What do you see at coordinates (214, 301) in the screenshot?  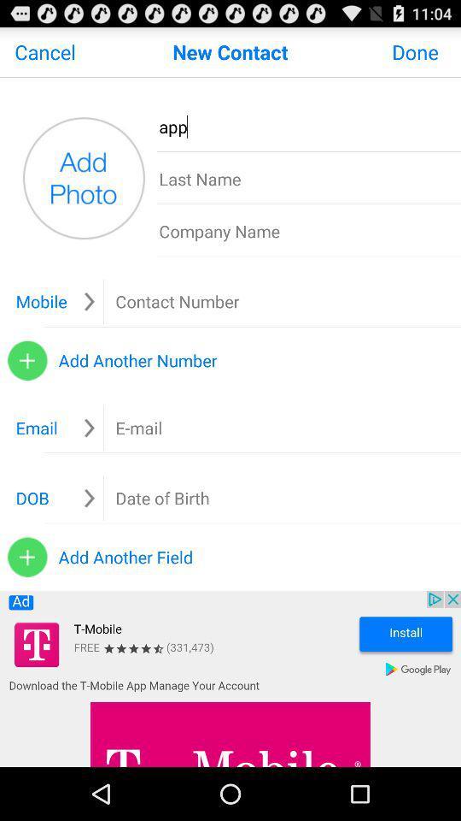 I see `mobile phone field for new contact` at bounding box center [214, 301].